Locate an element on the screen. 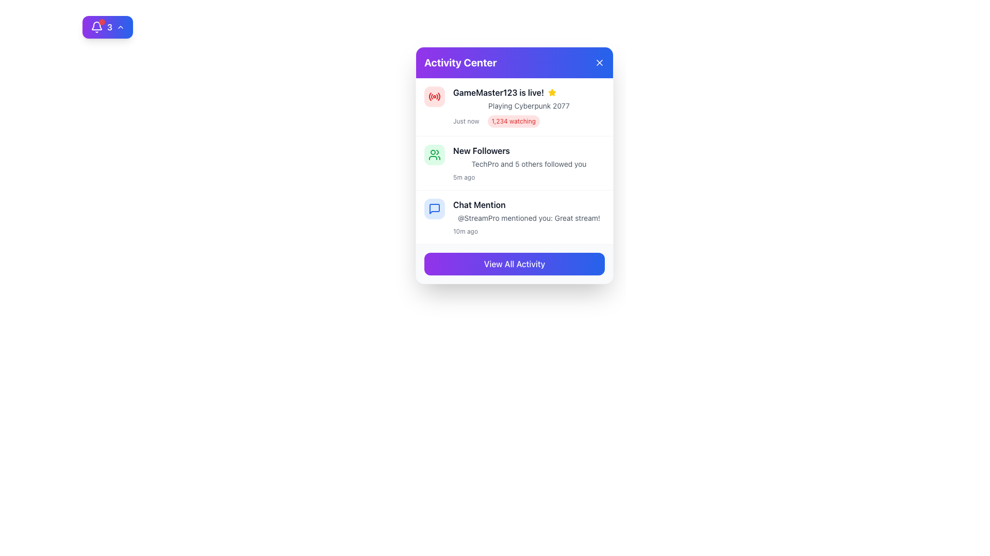 The height and width of the screenshot is (556, 990). the green SVG icon representing a group of users, located in the second row of the activity feed next to the 'New Followers' text is located at coordinates (435, 154).